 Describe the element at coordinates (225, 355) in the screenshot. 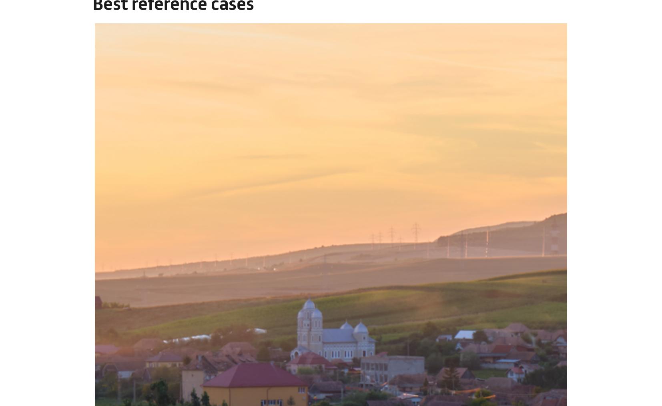

I see `'and'` at that location.